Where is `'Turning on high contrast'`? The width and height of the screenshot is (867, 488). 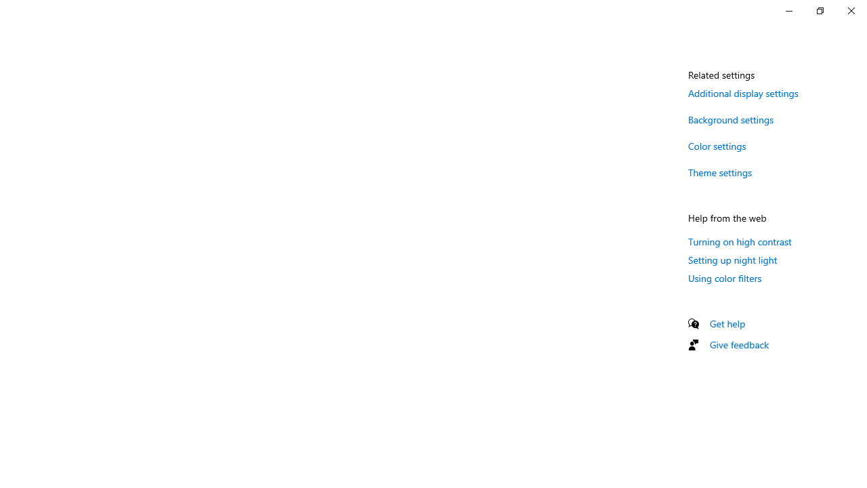
'Turning on high contrast' is located at coordinates (739, 241).